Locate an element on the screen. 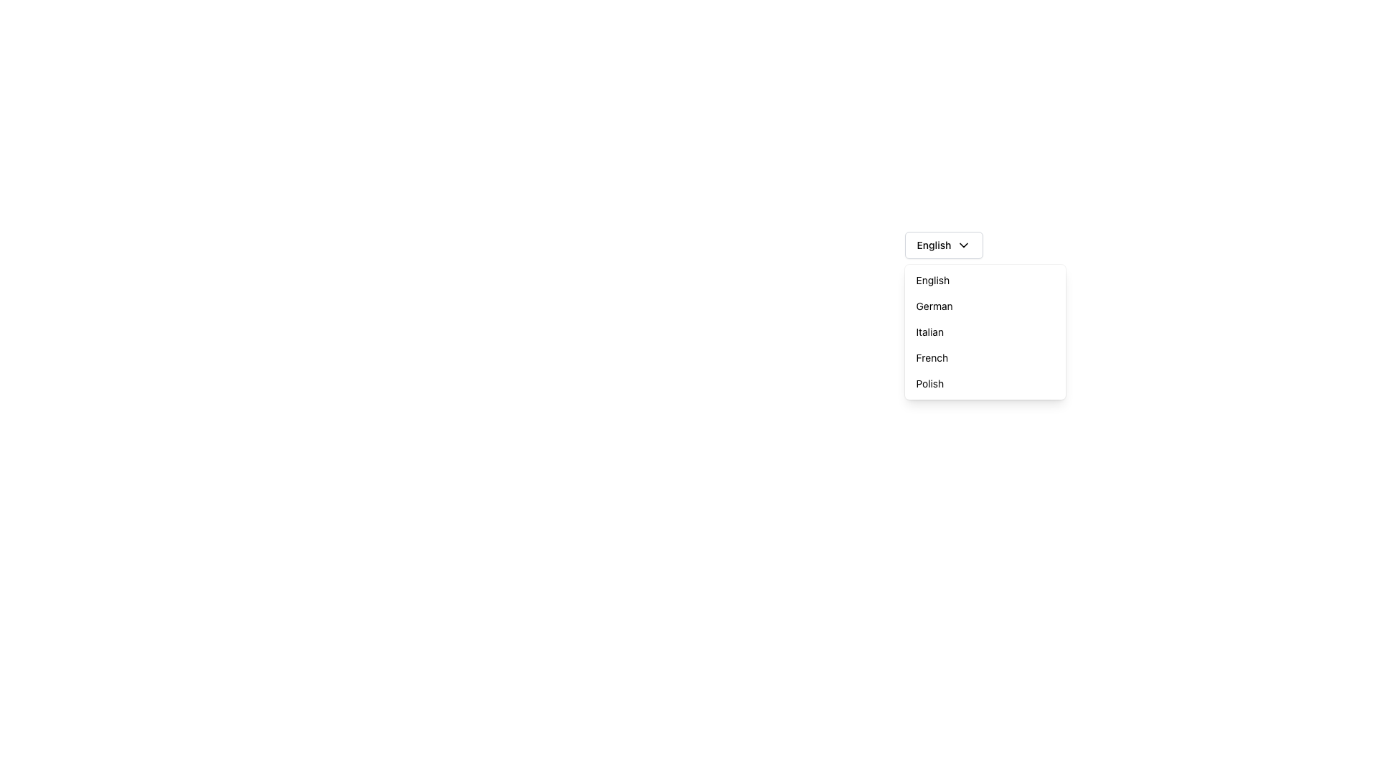 The image size is (1378, 775). the second option in the vertical dropdown menu is located at coordinates (984, 306).